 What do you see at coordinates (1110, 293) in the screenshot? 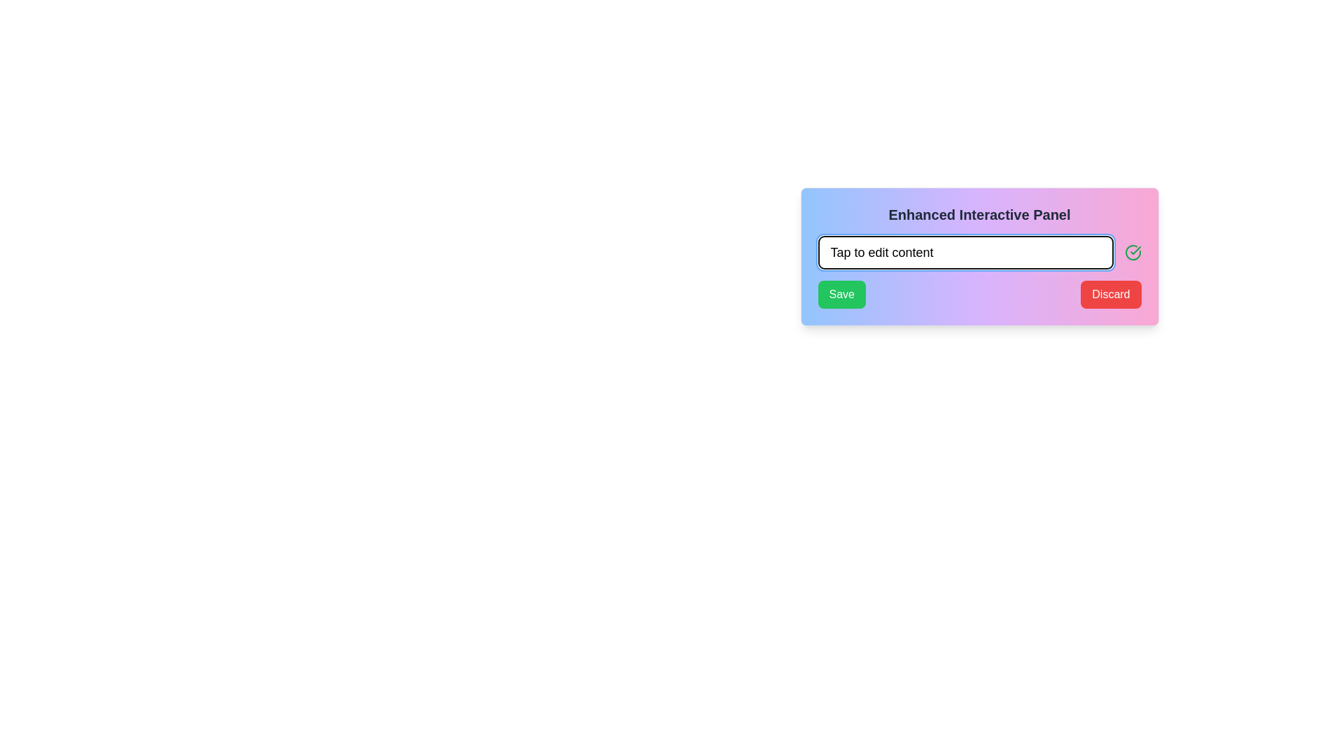
I see `the 'Discard' button located at the lower right side of the card-like UI` at bounding box center [1110, 293].